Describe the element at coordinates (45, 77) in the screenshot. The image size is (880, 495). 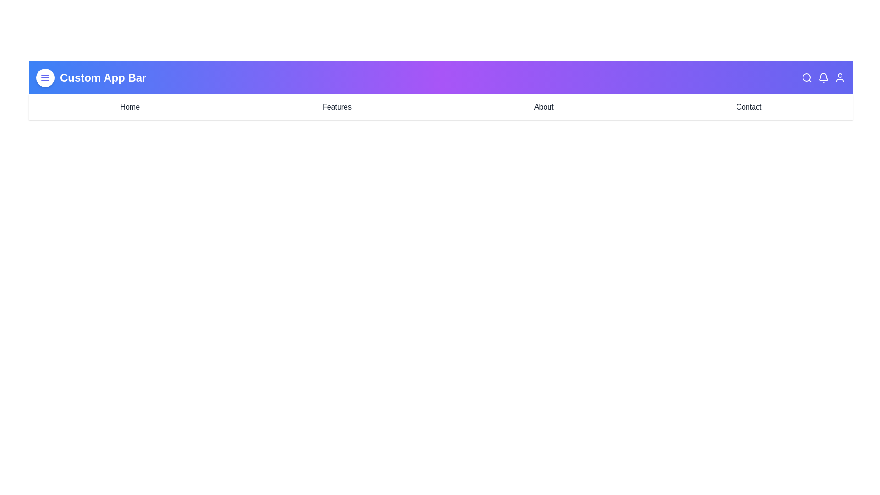
I see `the menu button to toggle the main menu visibility` at that location.